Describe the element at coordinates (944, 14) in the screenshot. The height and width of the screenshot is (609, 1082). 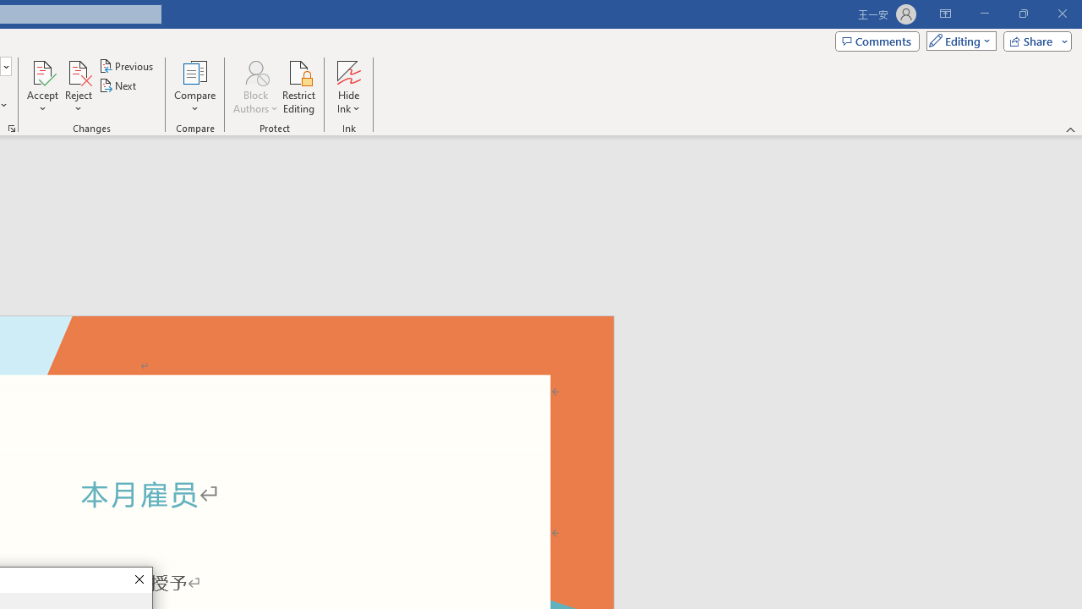
I see `'Ribbon Display Options'` at that location.